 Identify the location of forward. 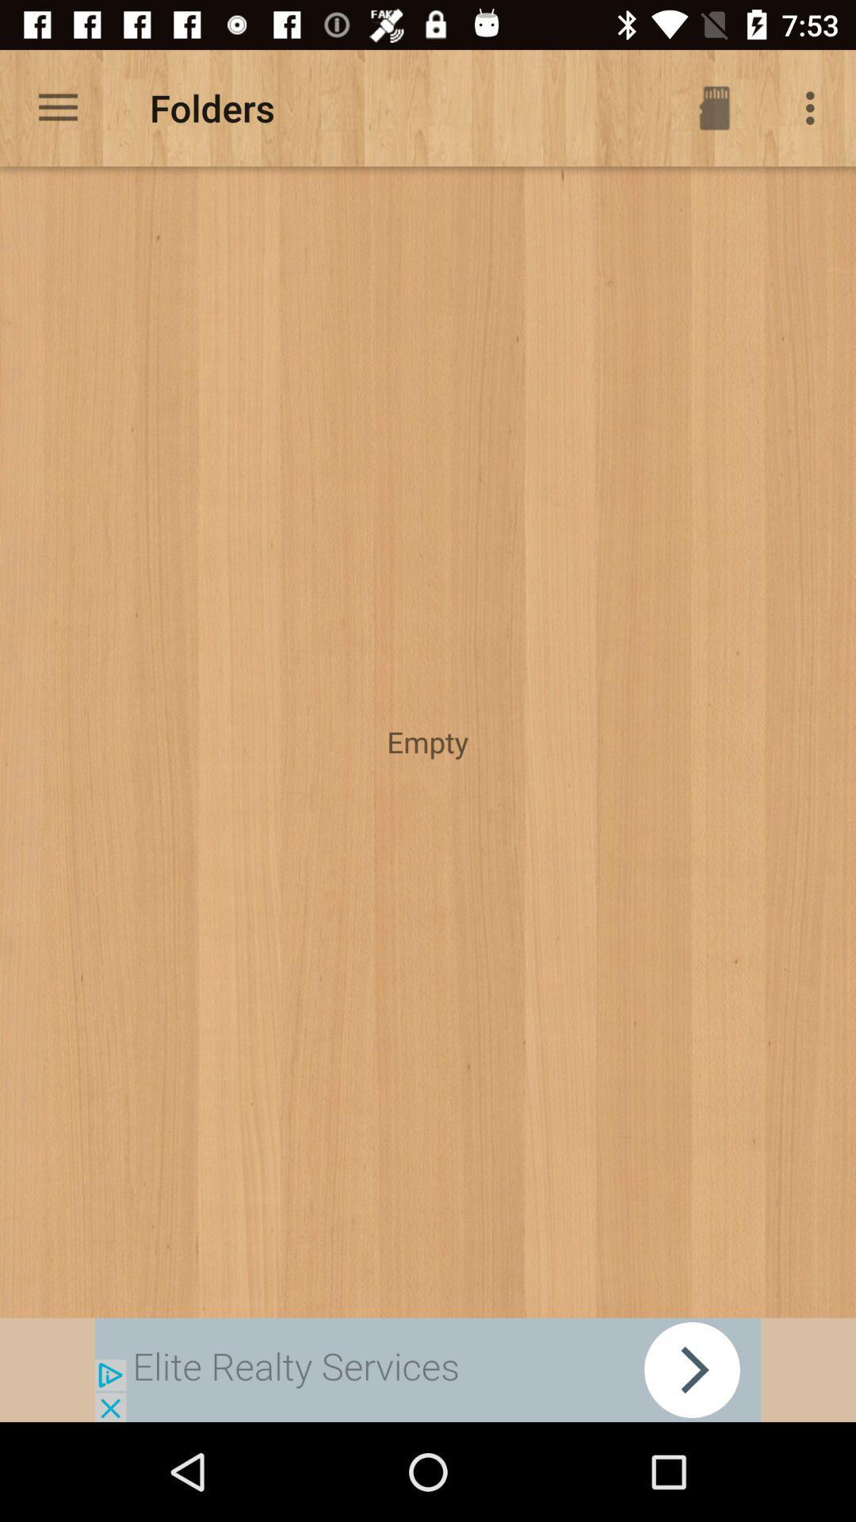
(428, 1369).